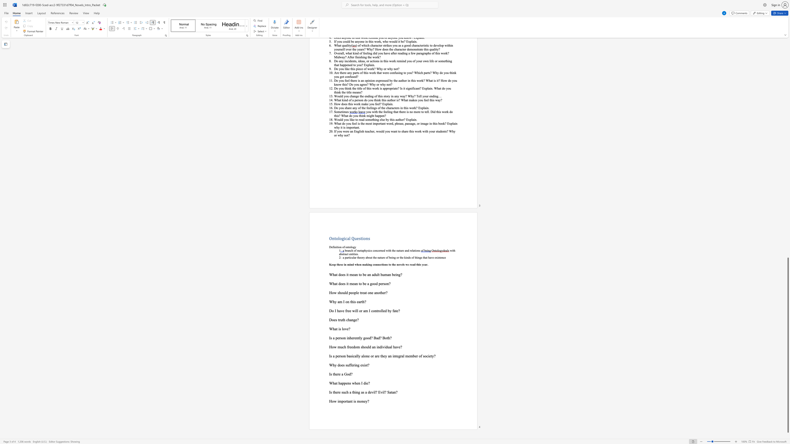 This screenshot has width=790, height=444. Describe the element at coordinates (358, 254) in the screenshot. I see `the 1th character "." in the text` at that location.